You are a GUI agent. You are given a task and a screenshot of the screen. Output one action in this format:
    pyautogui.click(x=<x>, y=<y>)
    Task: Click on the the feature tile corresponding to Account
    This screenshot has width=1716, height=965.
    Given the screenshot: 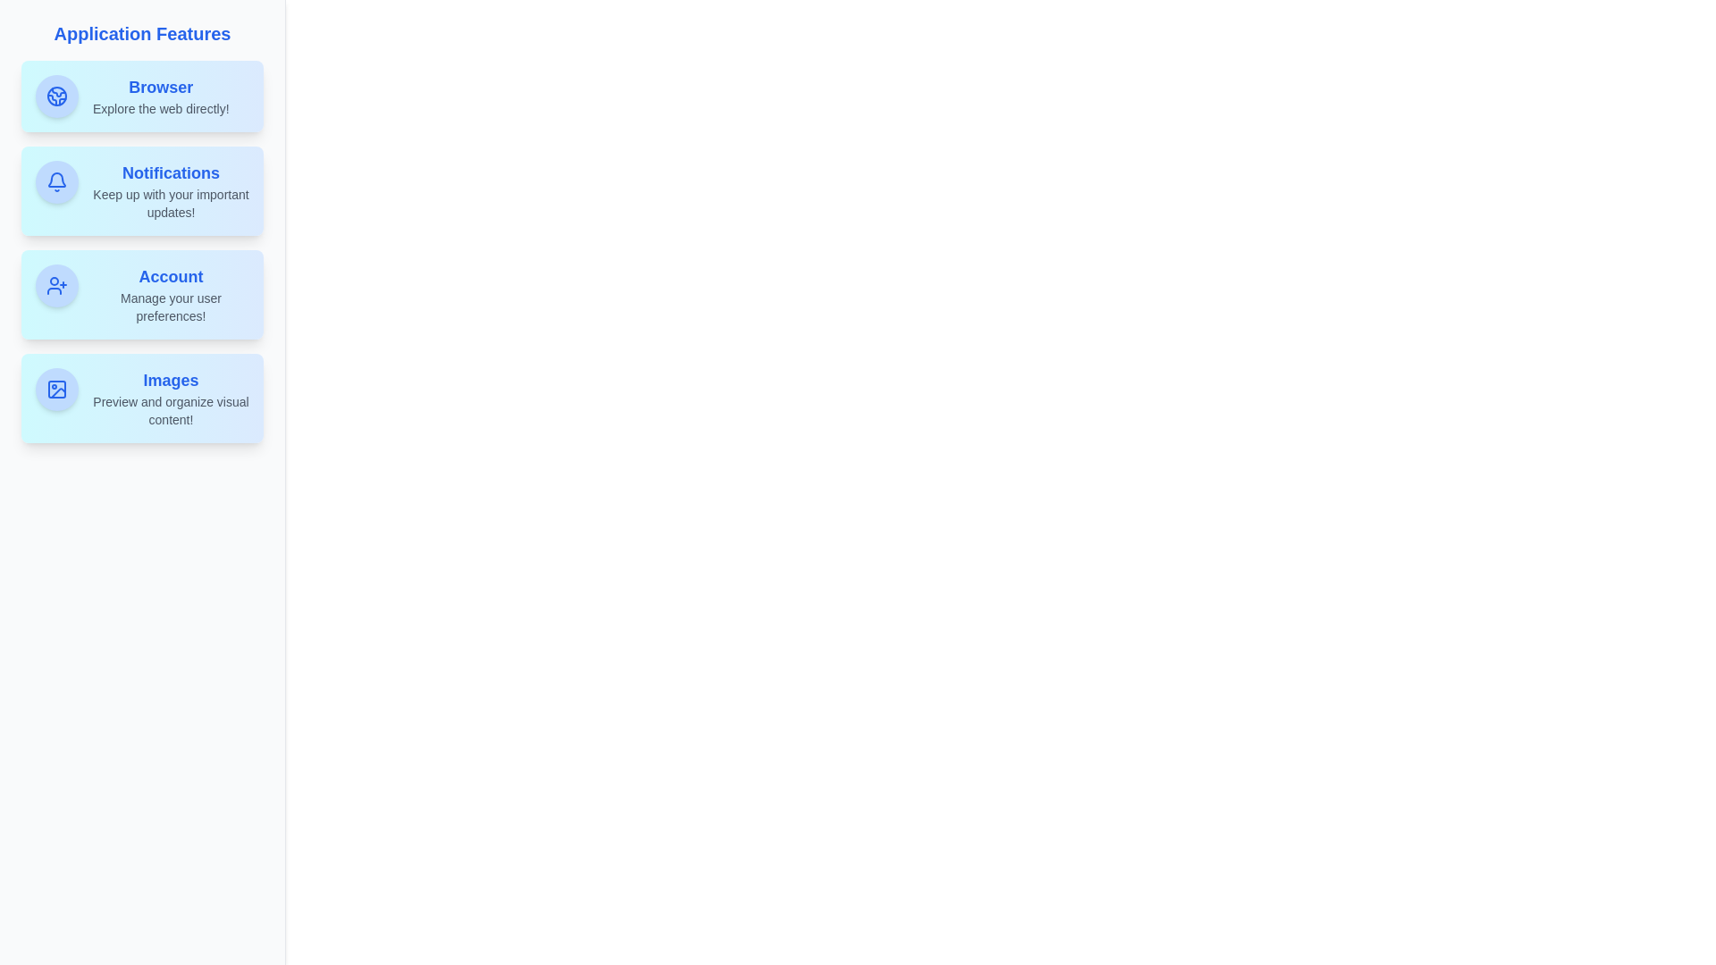 What is the action you would take?
    pyautogui.click(x=141, y=294)
    